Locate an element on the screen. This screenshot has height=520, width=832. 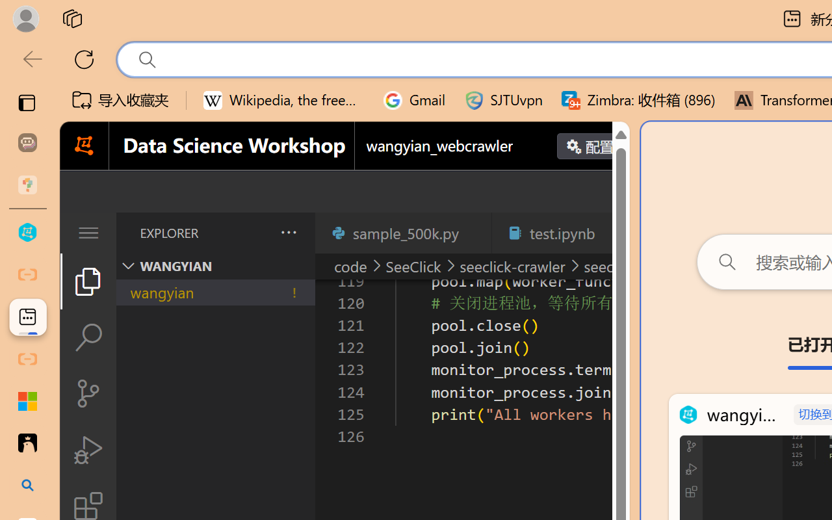
'sample_500k.py' is located at coordinates (402, 233).